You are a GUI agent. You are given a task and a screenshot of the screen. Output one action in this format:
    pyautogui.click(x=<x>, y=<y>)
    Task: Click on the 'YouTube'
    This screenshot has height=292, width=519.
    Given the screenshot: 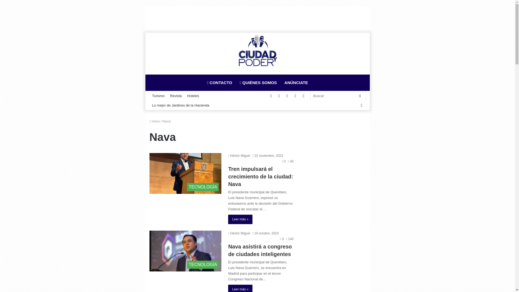 What is the action you would take?
    pyautogui.click(x=279, y=95)
    